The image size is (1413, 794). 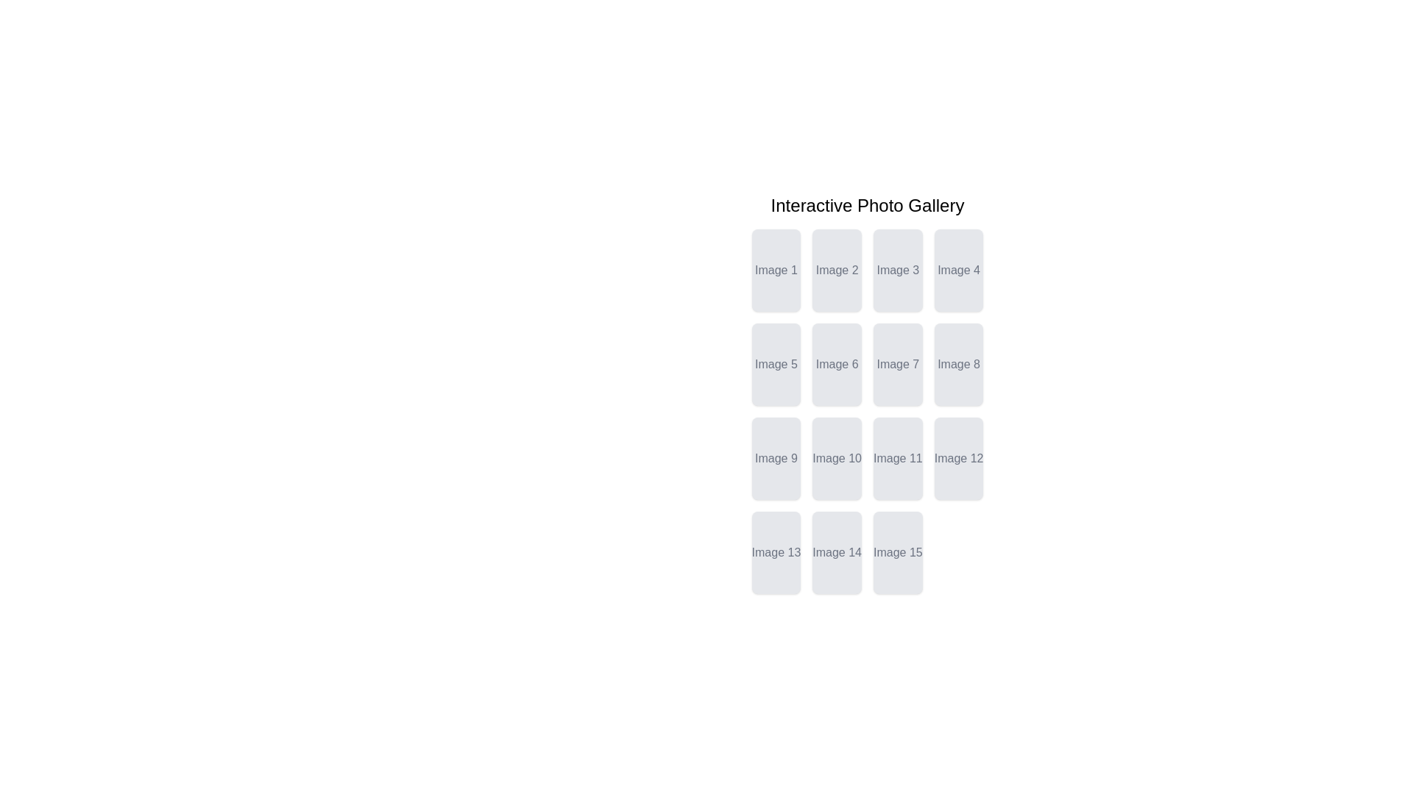 I want to click on the heart icon to like or favorite the item located in the bottom row of the gallery interface, specifically in the cell labeled 'Image 14', so click(x=833, y=556).